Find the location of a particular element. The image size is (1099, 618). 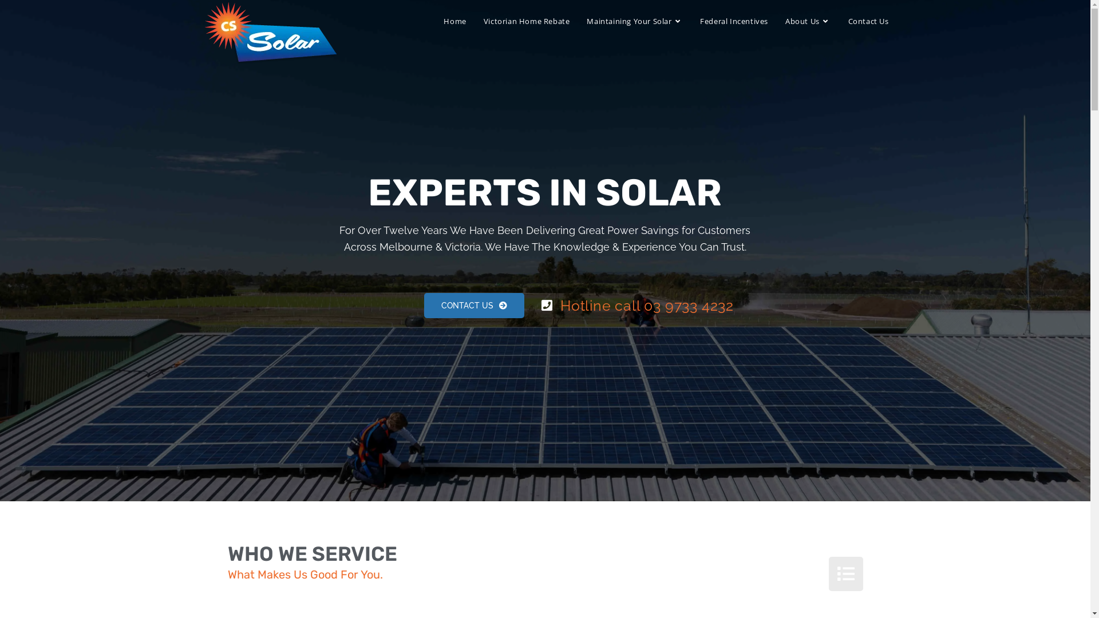

'Maintaining Your Solar' is located at coordinates (634, 21).